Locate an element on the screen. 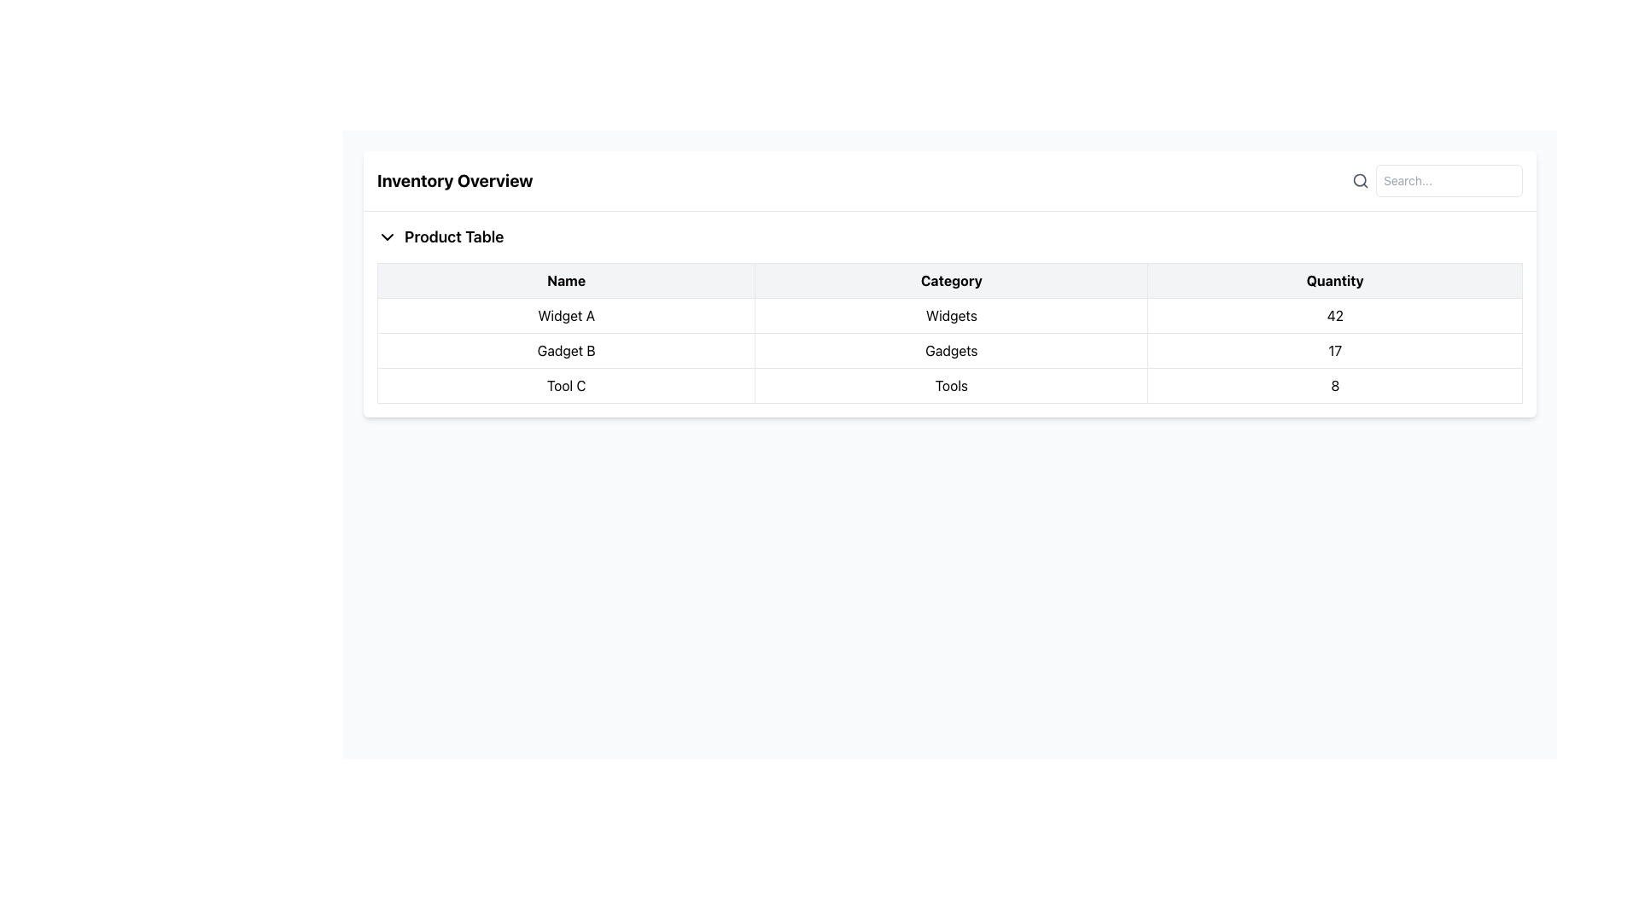 This screenshot has height=922, width=1639. the text label indicating the quantity of items in the table, which is the third element in the header row following 'Name' and 'Category' is located at coordinates (1334, 279).